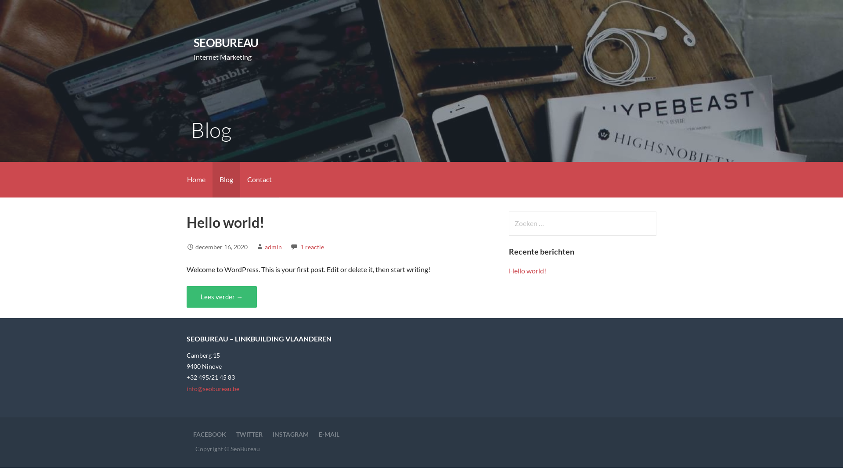  What do you see at coordinates (273, 247) in the screenshot?
I see `'admin'` at bounding box center [273, 247].